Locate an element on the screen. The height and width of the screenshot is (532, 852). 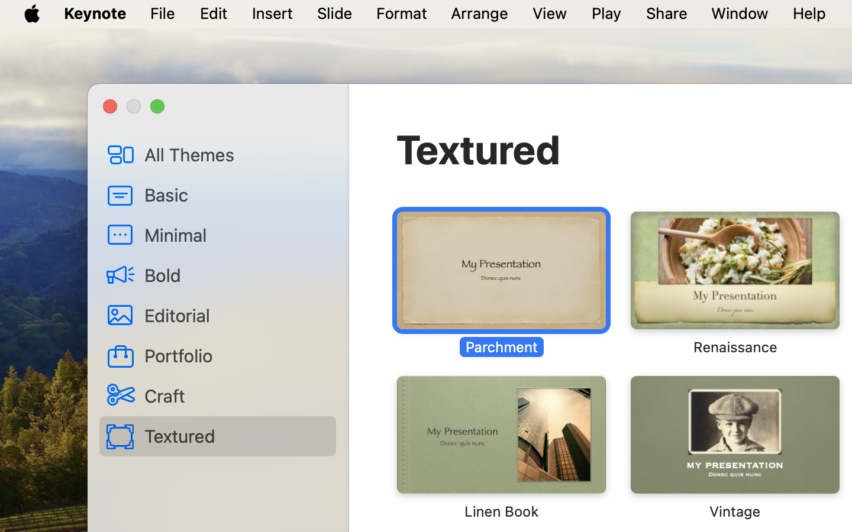
'Minimal' is located at coordinates (235, 234).